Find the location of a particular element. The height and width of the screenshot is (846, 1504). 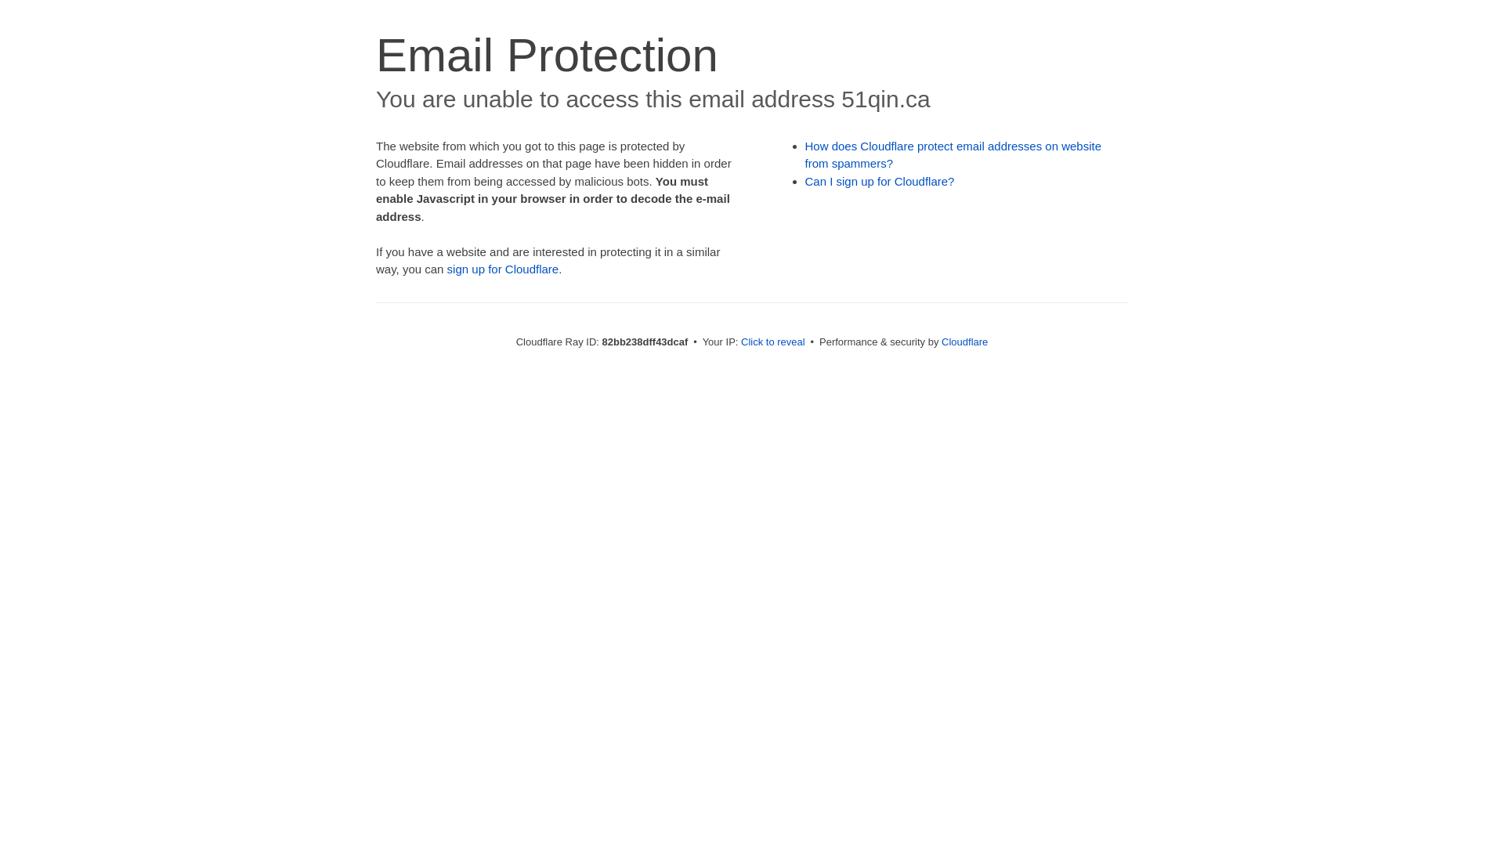

'Cloudflare' is located at coordinates (963, 341).